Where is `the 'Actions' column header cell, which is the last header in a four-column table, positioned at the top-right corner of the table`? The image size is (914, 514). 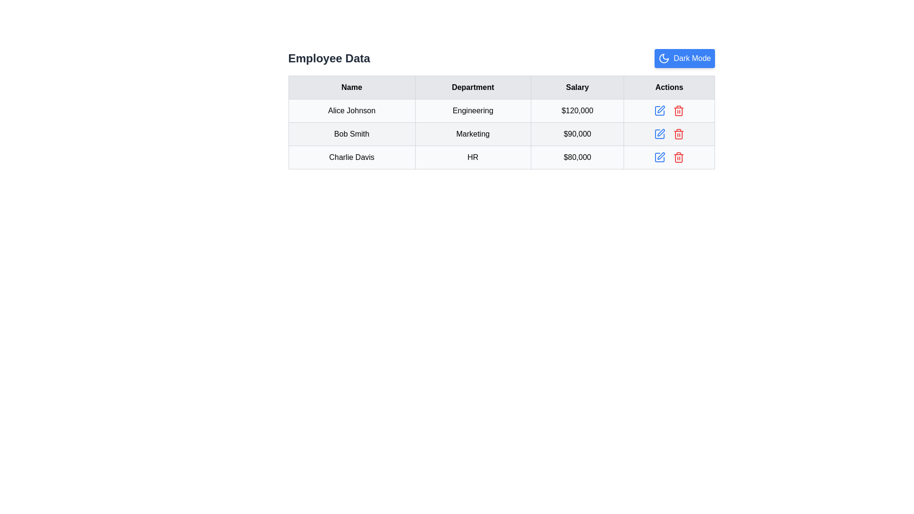 the 'Actions' column header cell, which is the last header in a four-column table, positioned at the top-right corner of the table is located at coordinates (669, 88).